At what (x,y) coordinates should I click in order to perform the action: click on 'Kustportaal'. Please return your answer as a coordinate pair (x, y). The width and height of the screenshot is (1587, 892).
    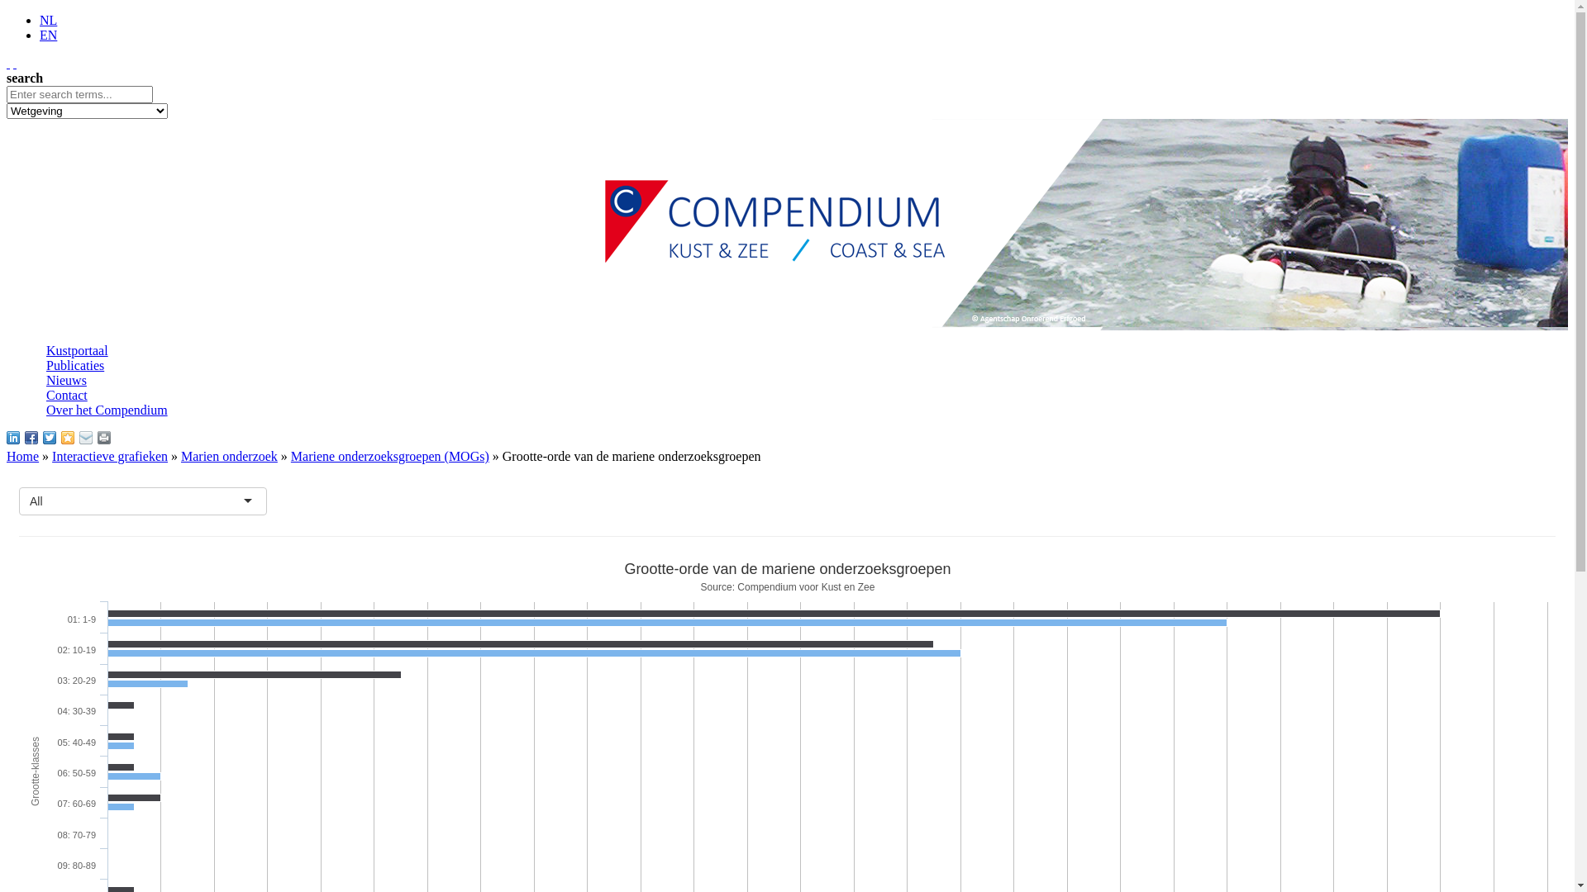
    Looking at the image, I should click on (46, 349).